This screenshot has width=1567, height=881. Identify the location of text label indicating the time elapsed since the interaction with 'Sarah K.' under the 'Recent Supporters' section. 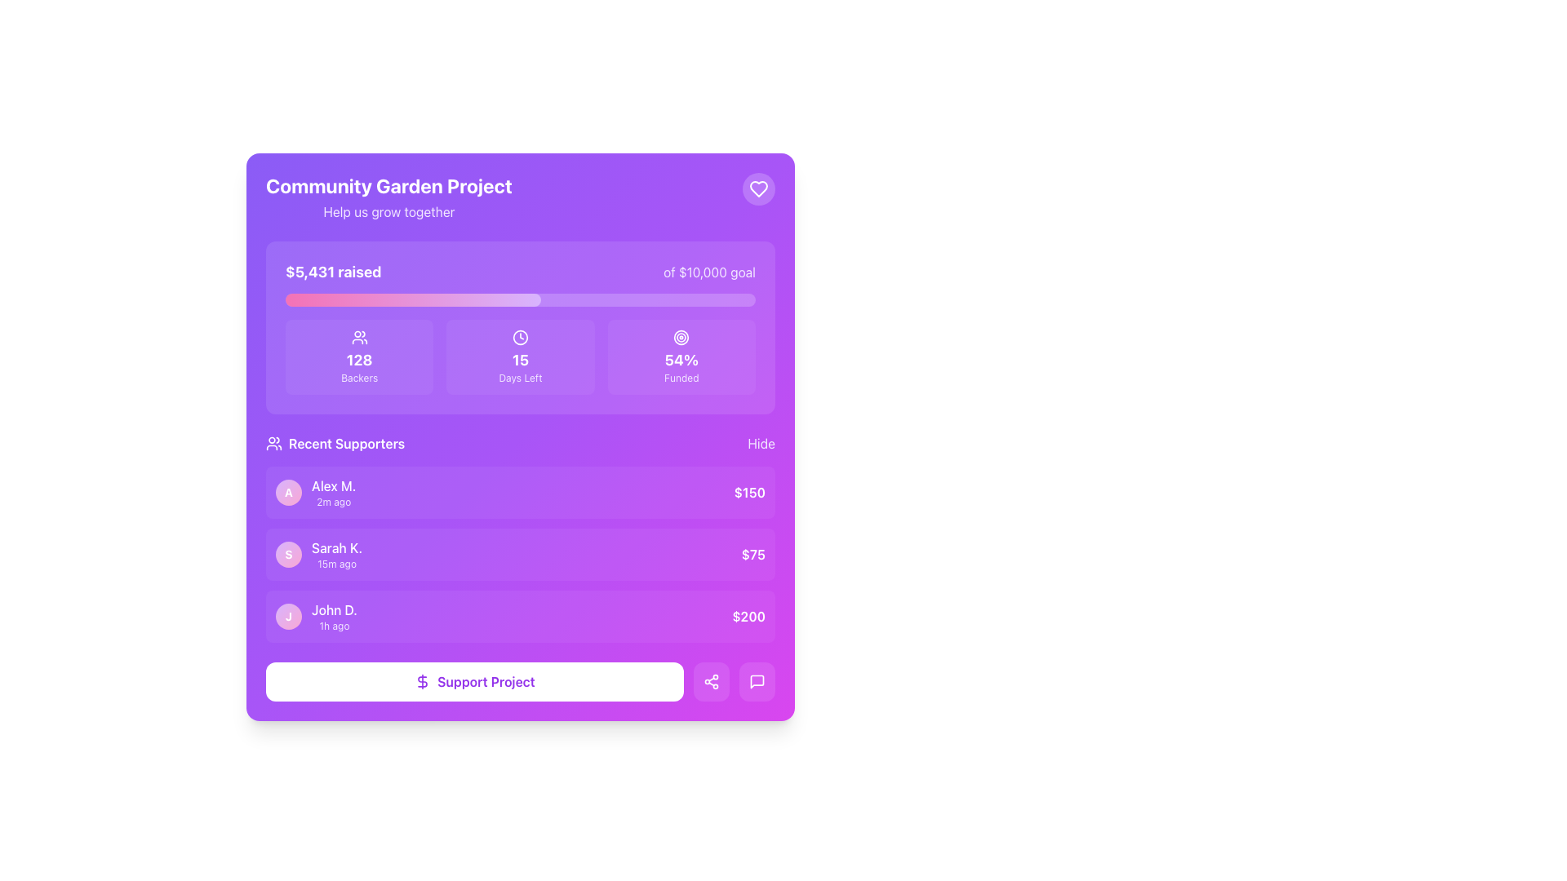
(335, 563).